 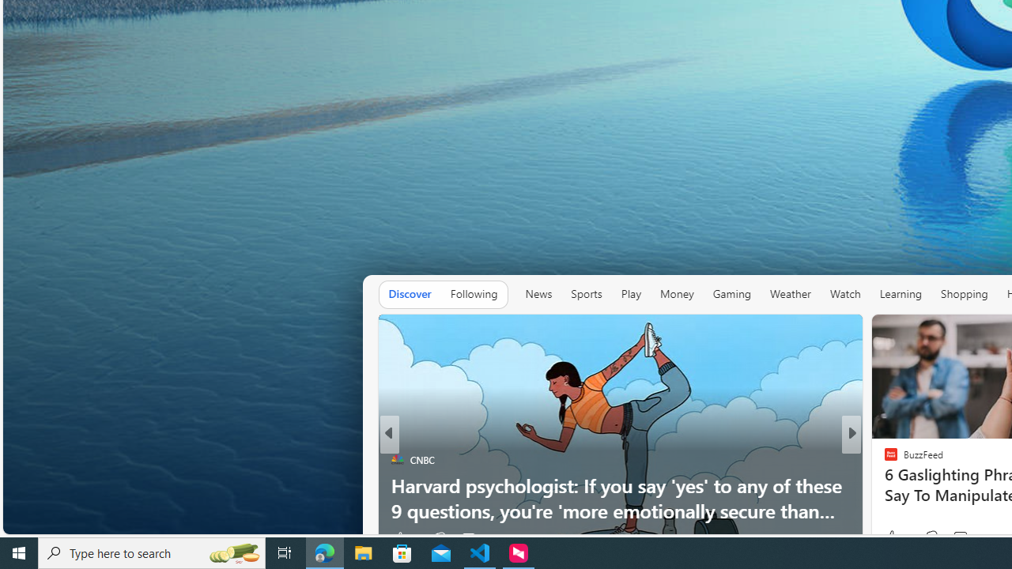 I want to click on '42 Like', so click(x=892, y=537).